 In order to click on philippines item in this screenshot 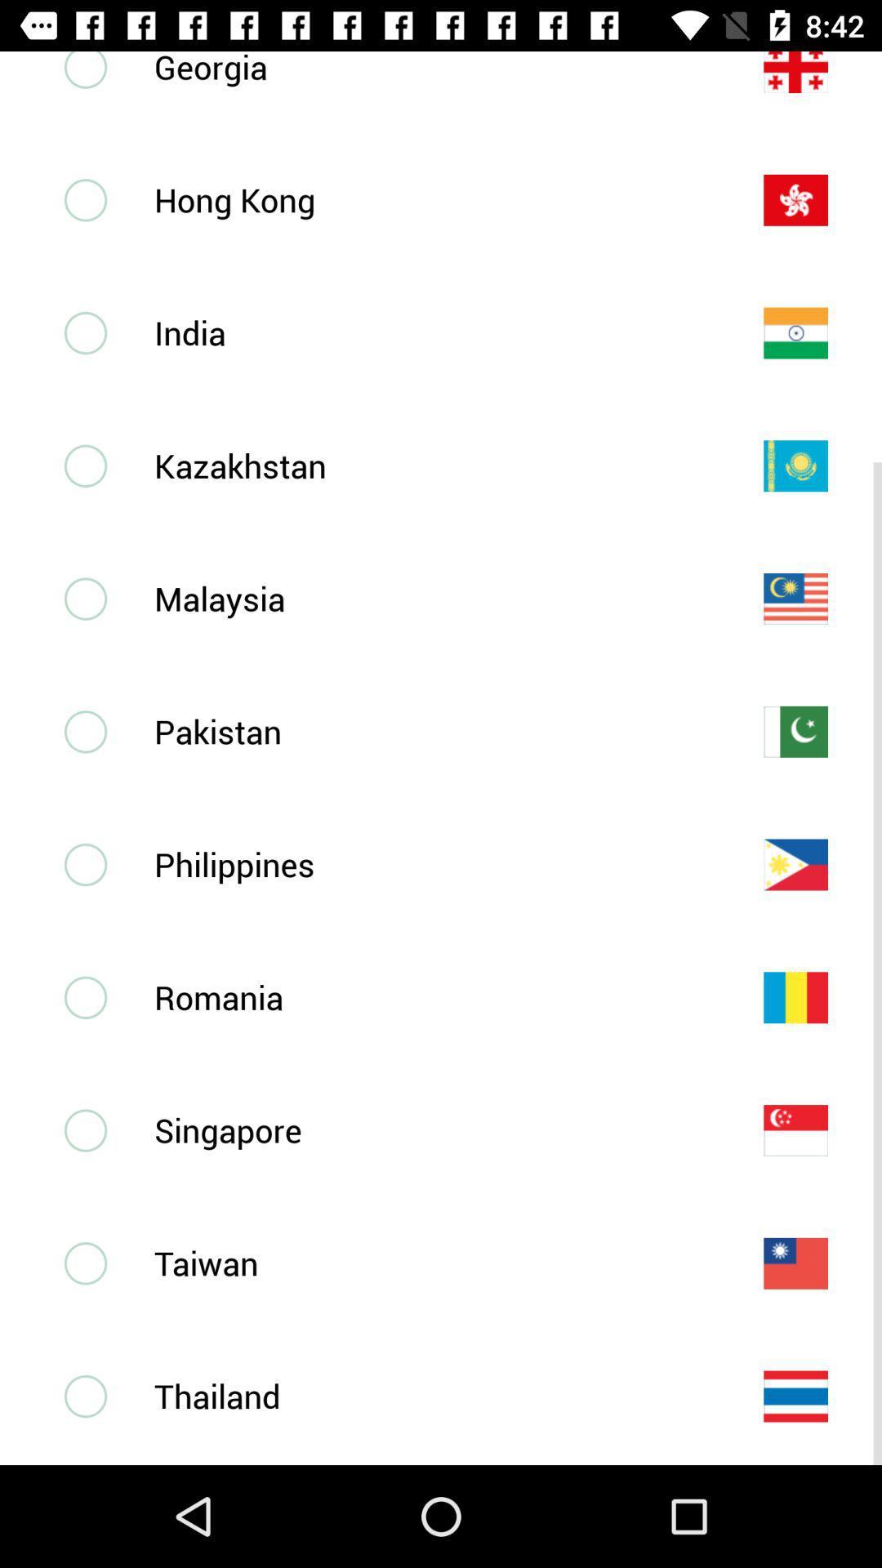, I will do `click(431, 863)`.